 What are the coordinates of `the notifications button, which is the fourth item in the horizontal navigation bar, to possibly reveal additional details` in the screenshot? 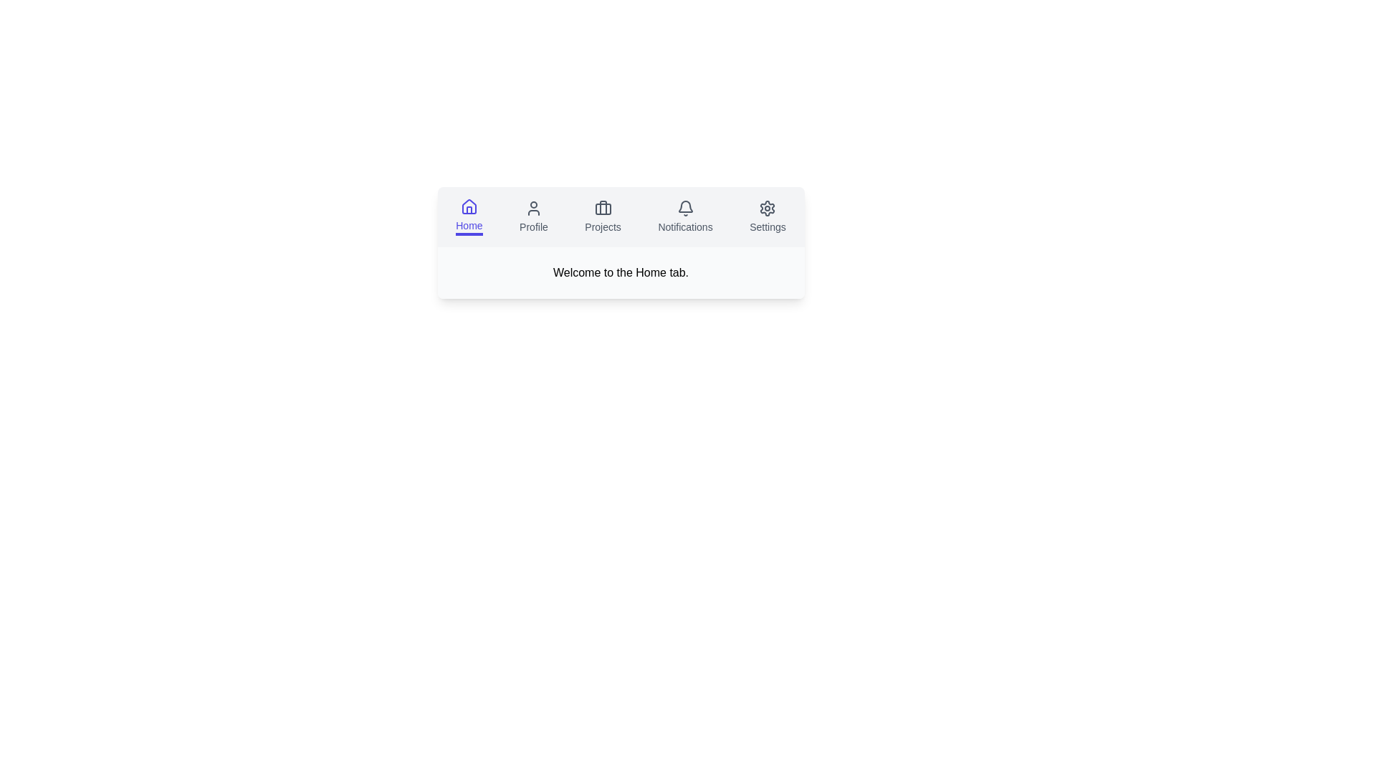 It's located at (684, 217).